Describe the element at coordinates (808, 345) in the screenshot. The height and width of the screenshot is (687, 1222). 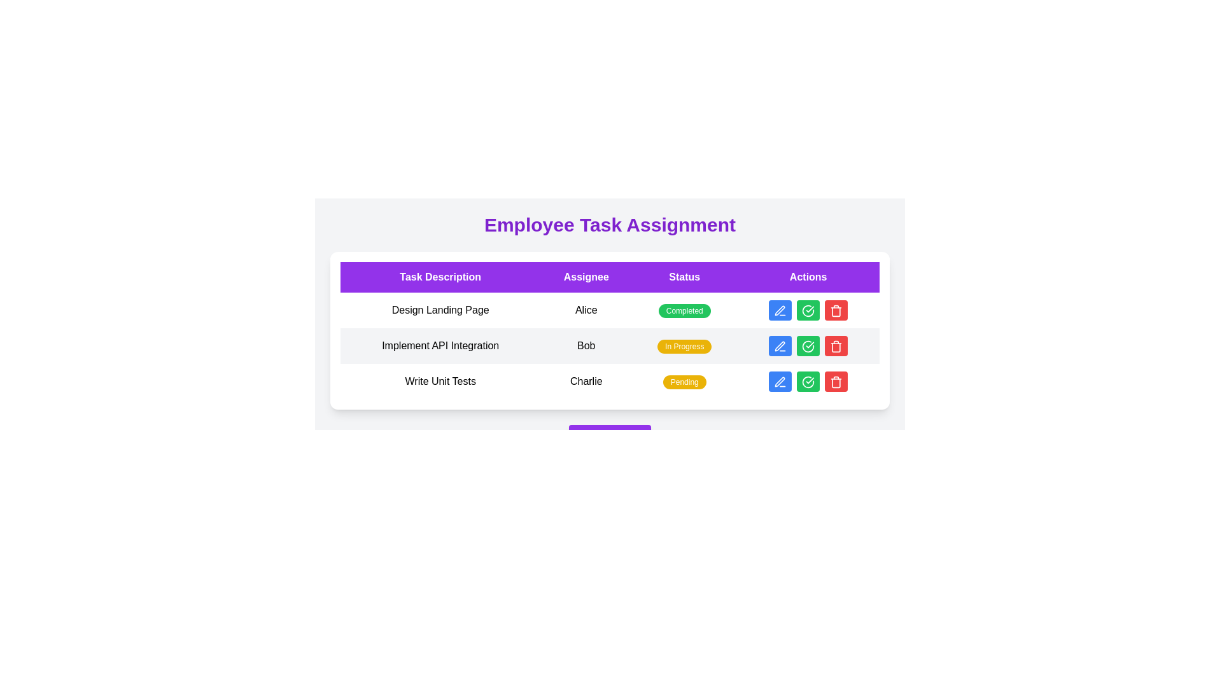
I see `the confirmation icon located in the 'Actions' column of the second row in the table interface` at that location.